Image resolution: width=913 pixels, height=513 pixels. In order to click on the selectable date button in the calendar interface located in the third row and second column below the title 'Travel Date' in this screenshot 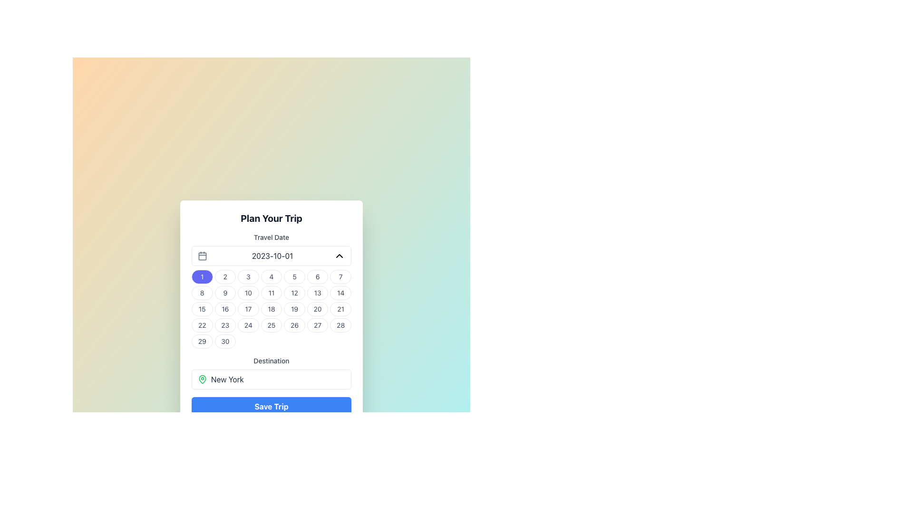, I will do `click(224, 309)`.